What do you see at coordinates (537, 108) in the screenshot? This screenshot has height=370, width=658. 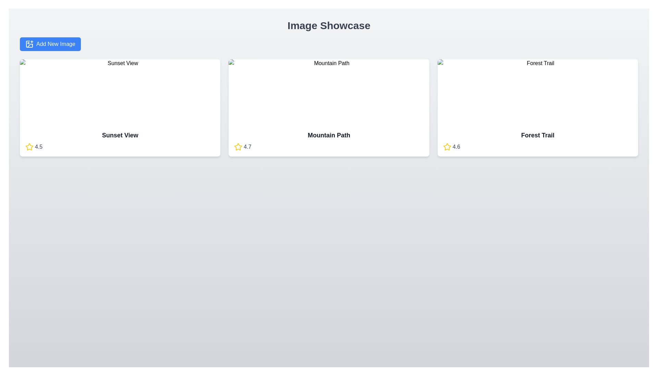 I see `the third Informational Card in the grid` at bounding box center [537, 108].